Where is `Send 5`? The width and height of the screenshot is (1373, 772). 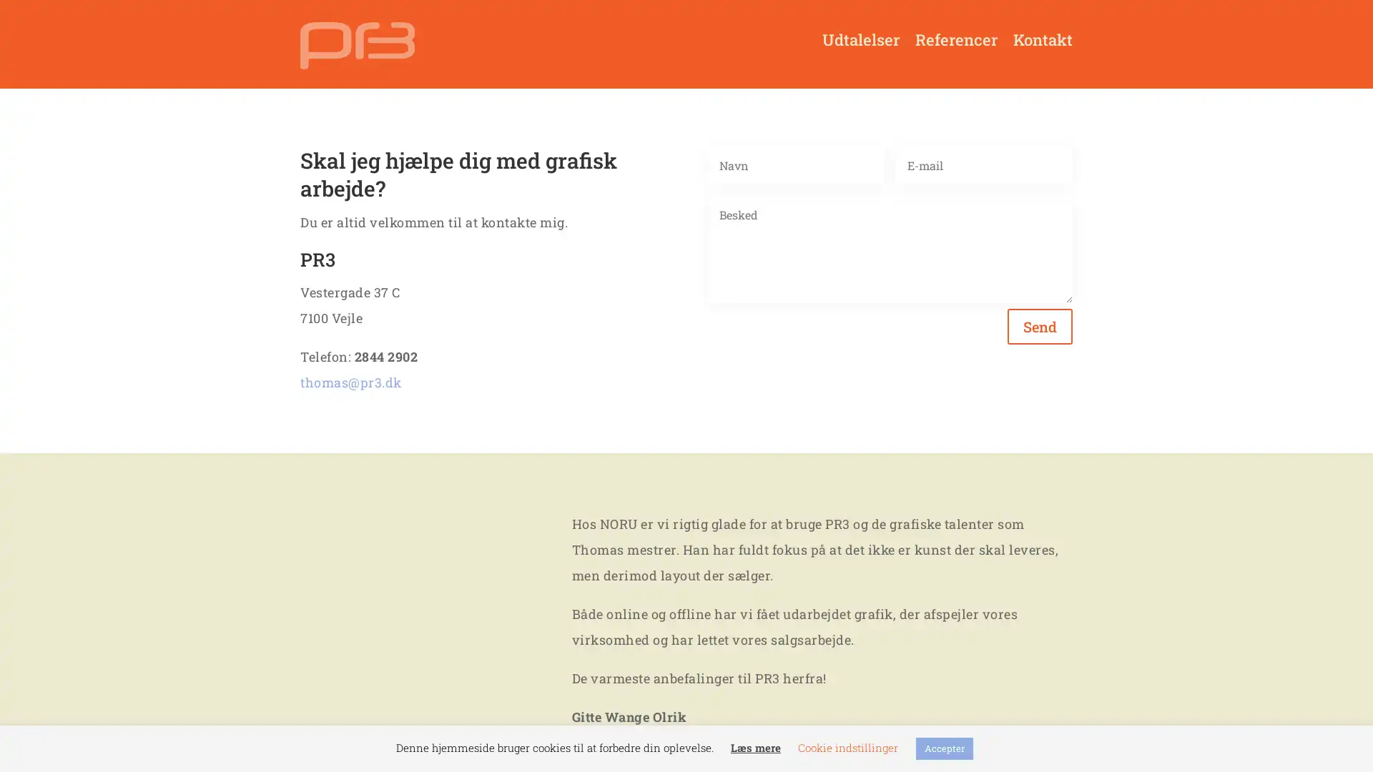 Send 5 is located at coordinates (1039, 325).